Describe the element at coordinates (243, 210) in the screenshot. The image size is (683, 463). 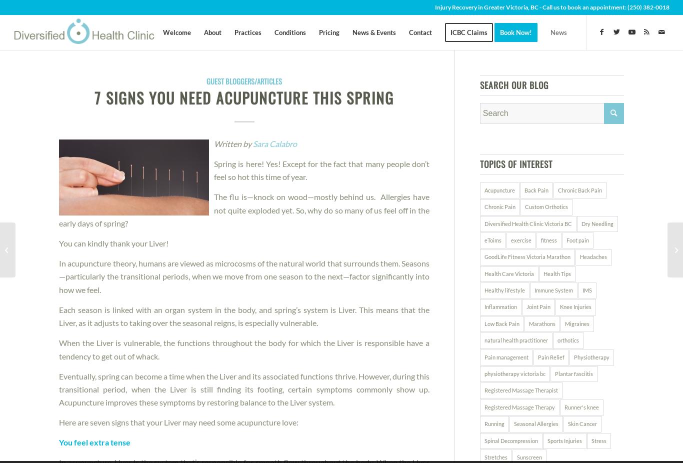
I see `'The flu is—knock on wood—mostly behind us.  Allergies have not quite exploded yet. So, why do so many of us feel off in the early days of spring?'` at that location.